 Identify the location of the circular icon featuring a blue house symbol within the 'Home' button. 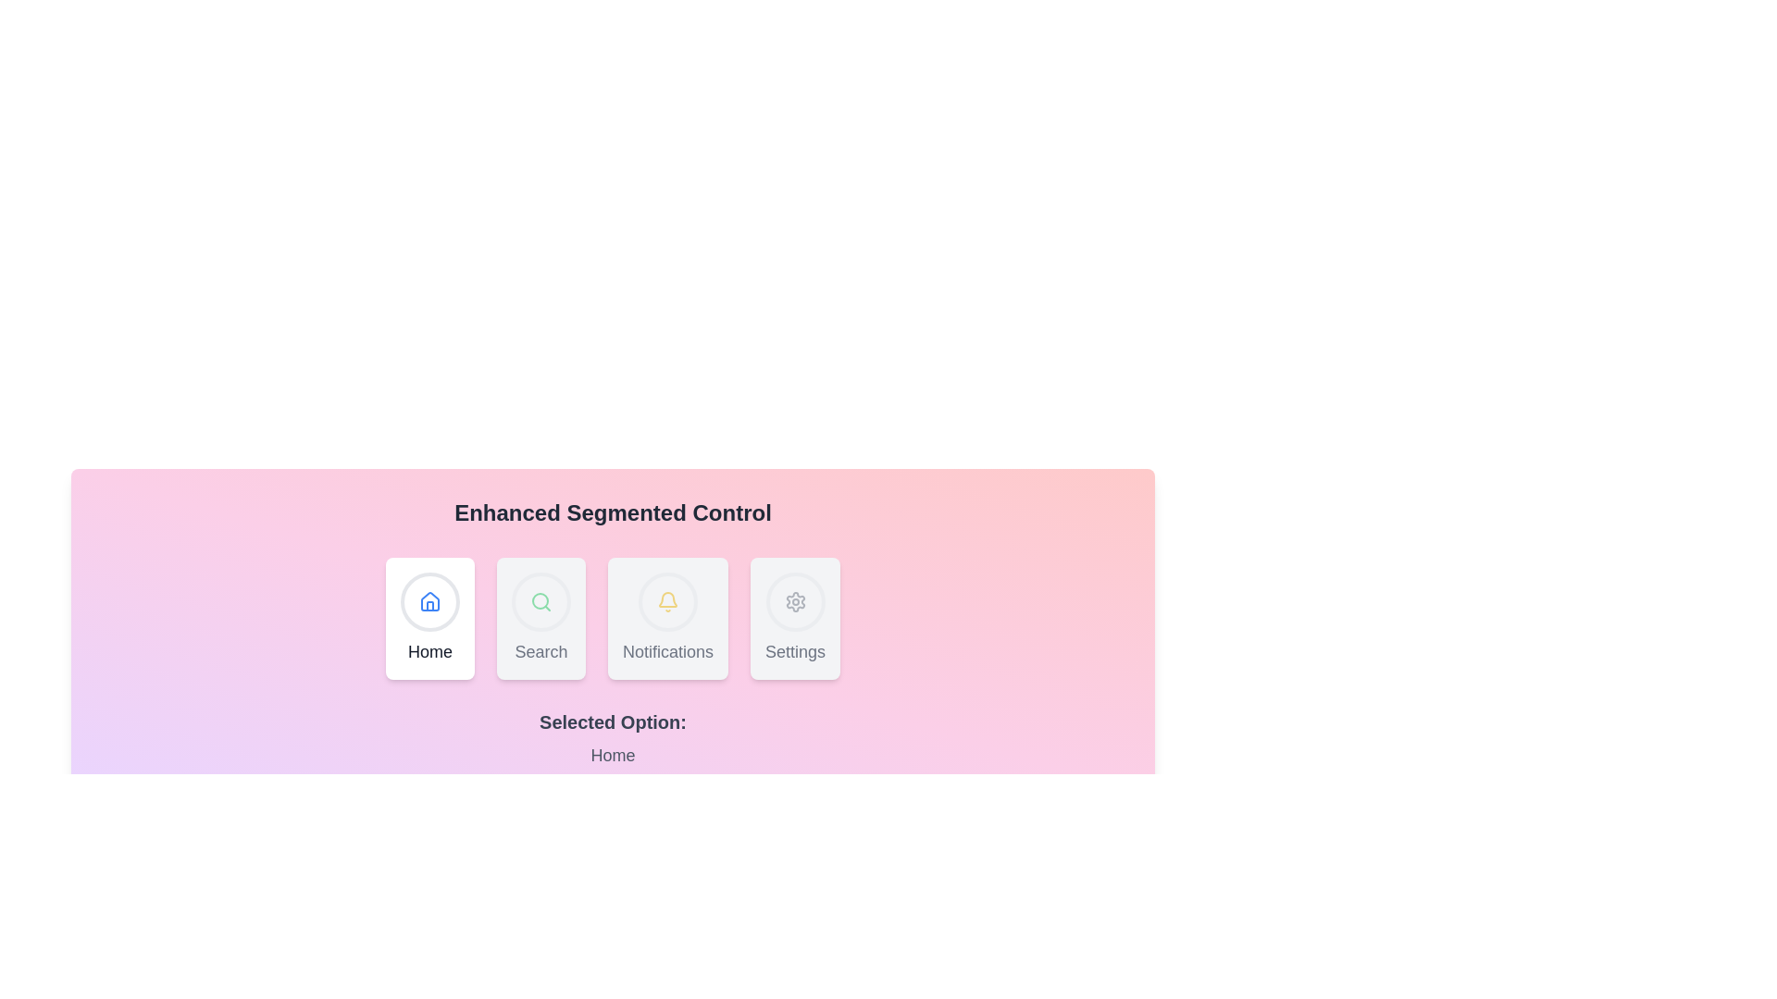
(429, 602).